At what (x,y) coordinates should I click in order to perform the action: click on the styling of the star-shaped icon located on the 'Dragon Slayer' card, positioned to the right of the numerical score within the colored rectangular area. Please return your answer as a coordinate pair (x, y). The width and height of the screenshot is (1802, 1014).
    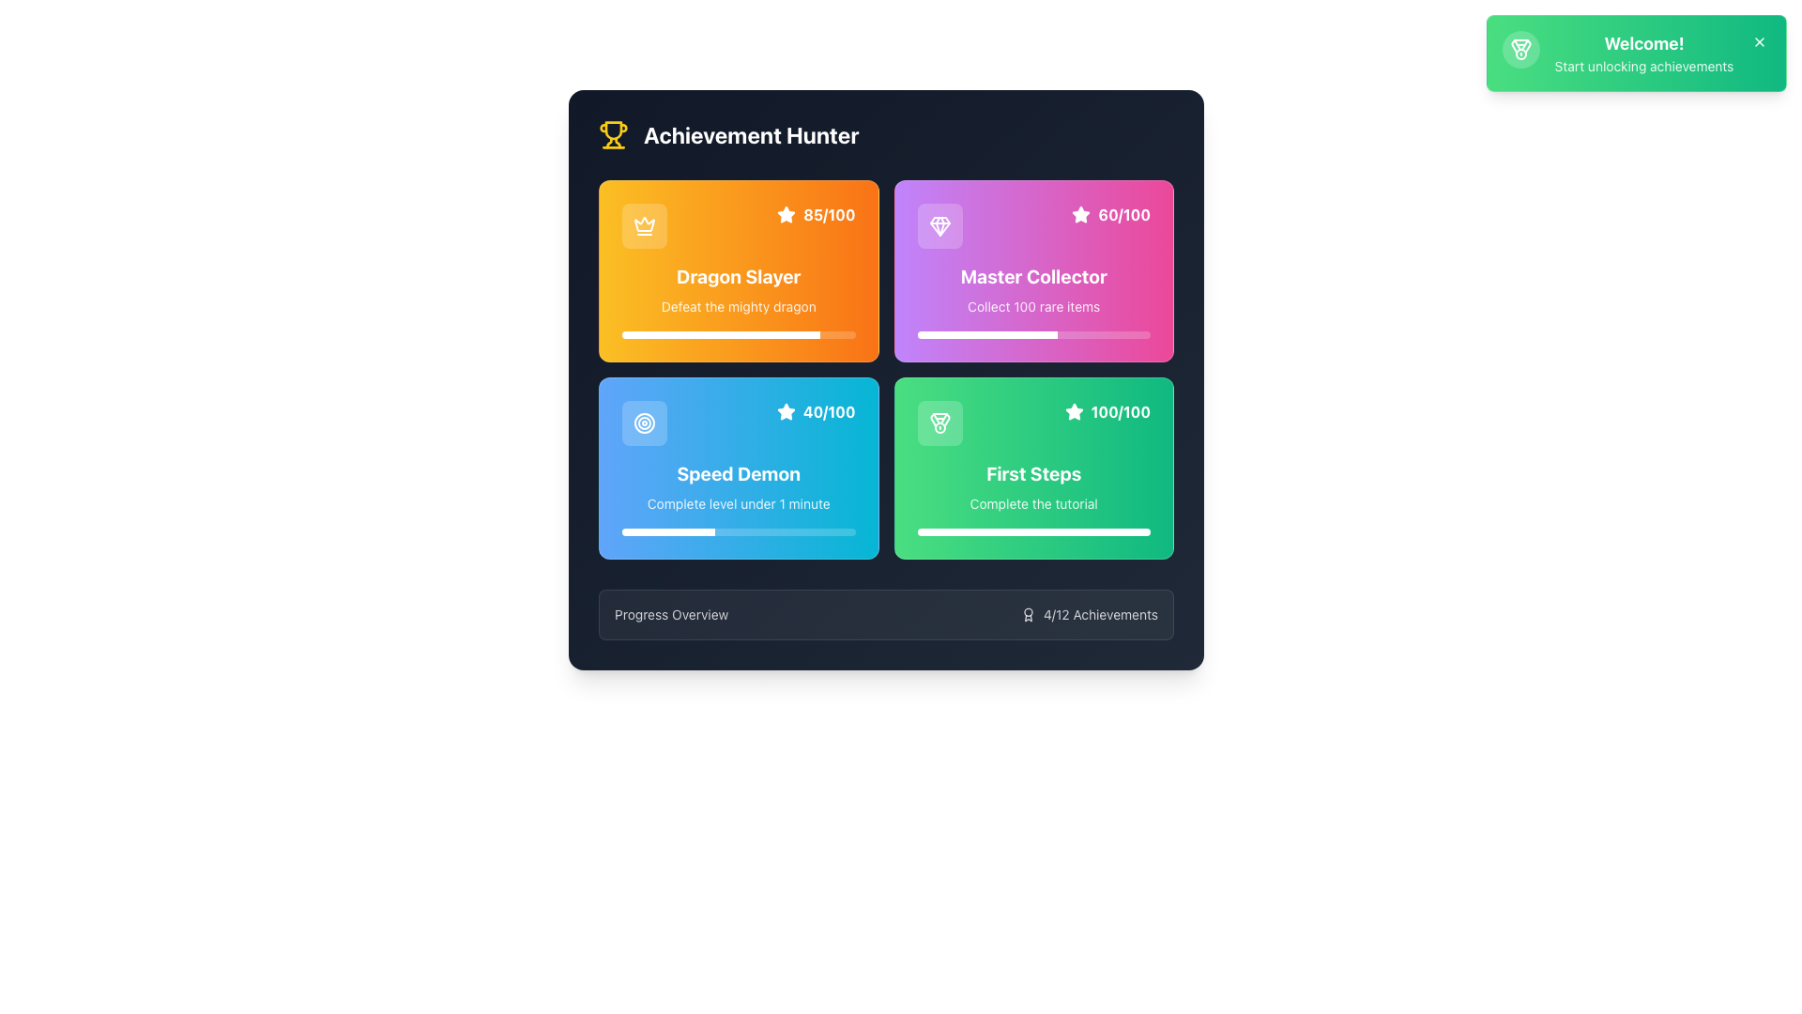
    Looking at the image, I should click on (786, 410).